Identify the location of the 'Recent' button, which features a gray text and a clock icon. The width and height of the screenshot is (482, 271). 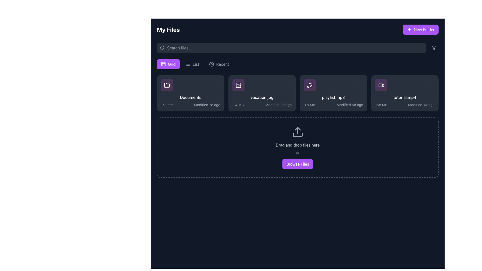
(219, 64).